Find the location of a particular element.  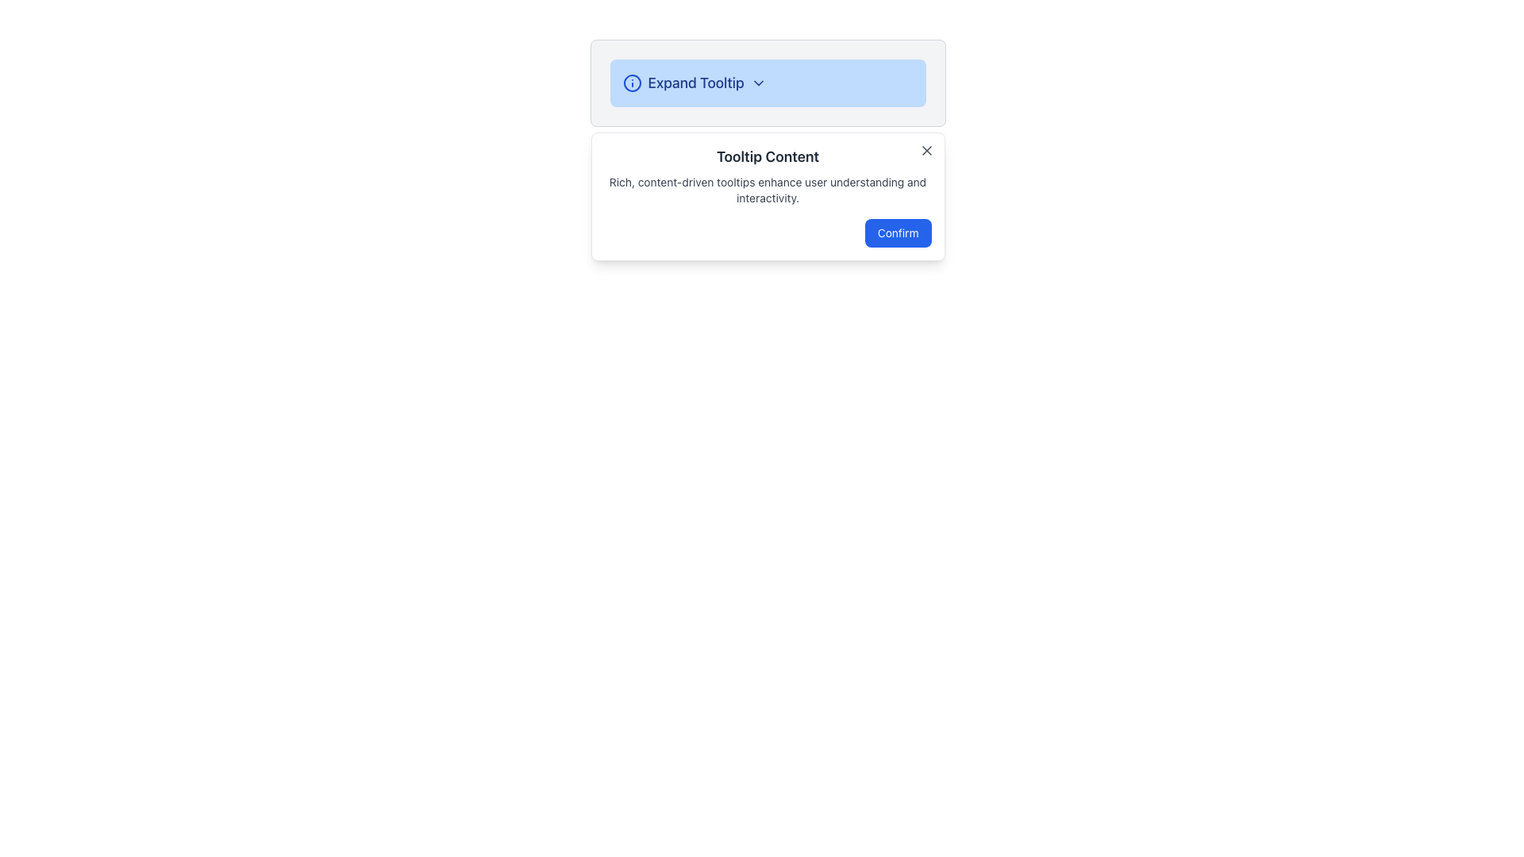

the close button located in the top-right corner of the tooltip is located at coordinates (926, 150).